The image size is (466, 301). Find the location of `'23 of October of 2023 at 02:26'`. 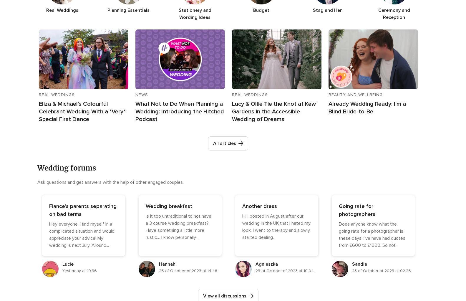

'23 of October of 2023 at 02:26' is located at coordinates (381, 270).